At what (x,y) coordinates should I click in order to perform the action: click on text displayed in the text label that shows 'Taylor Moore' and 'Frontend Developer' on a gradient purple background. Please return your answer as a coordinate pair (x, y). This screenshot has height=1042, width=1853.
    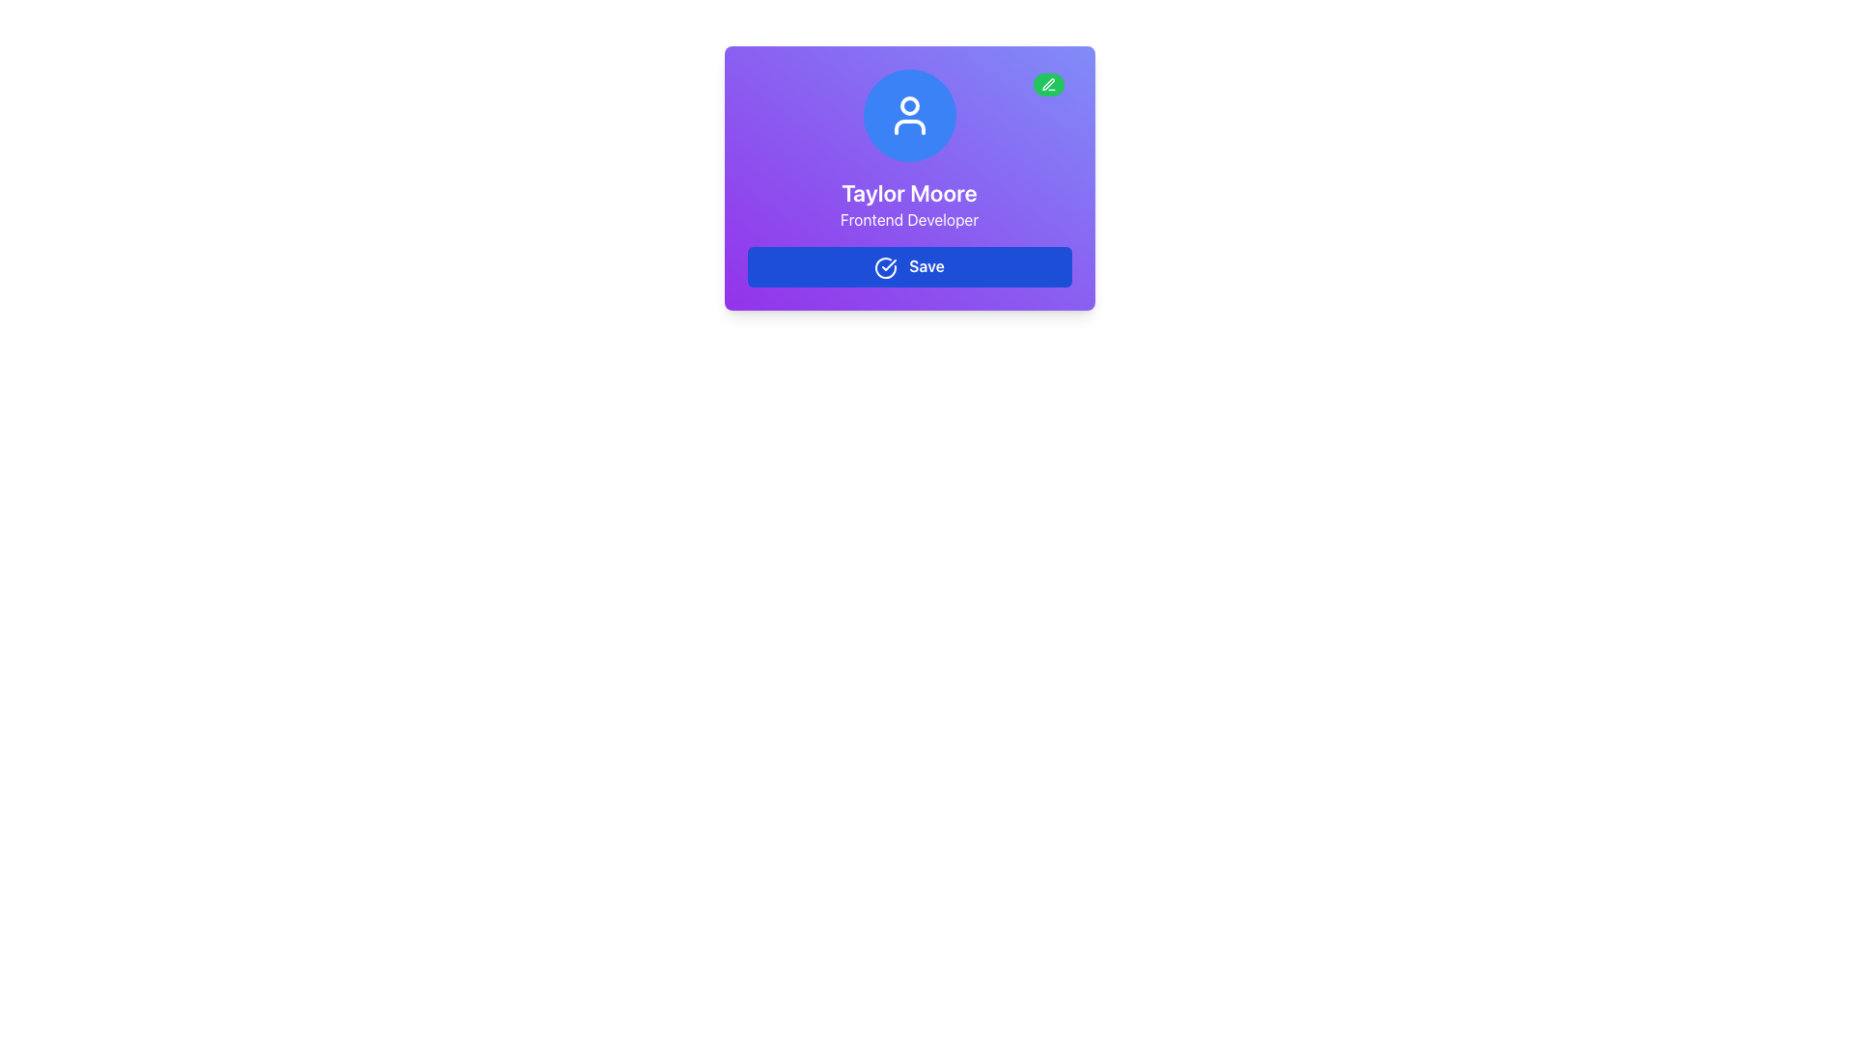
    Looking at the image, I should click on (908, 205).